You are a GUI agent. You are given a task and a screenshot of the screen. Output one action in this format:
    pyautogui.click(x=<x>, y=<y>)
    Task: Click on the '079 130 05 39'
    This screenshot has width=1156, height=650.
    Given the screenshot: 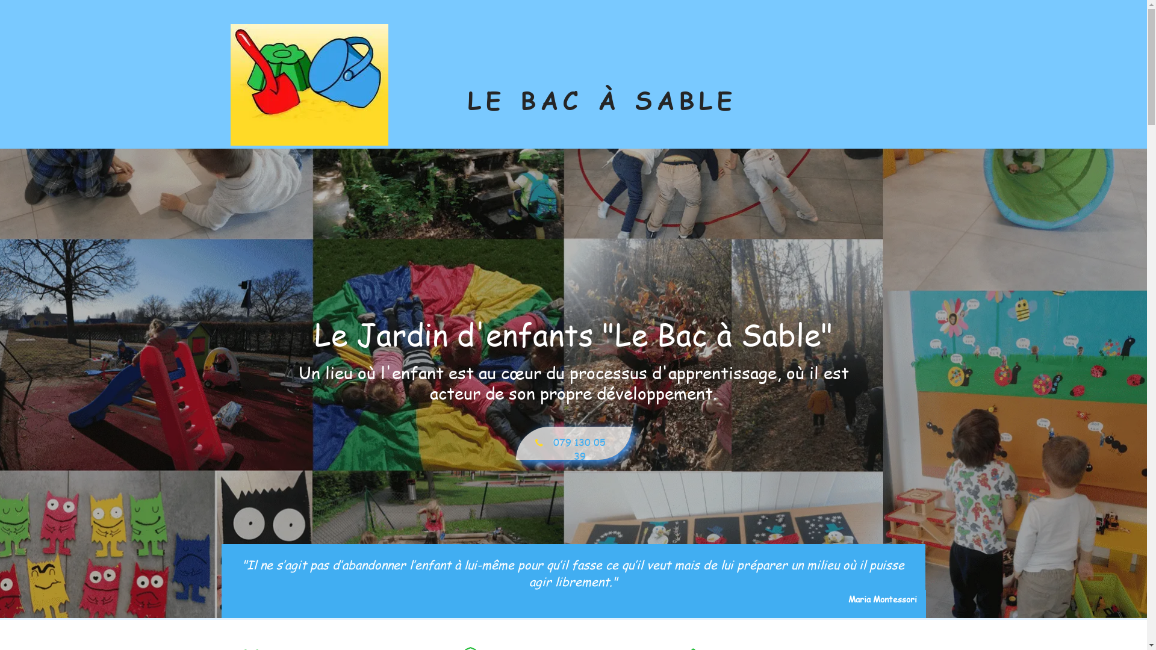 What is the action you would take?
    pyautogui.click(x=572, y=443)
    